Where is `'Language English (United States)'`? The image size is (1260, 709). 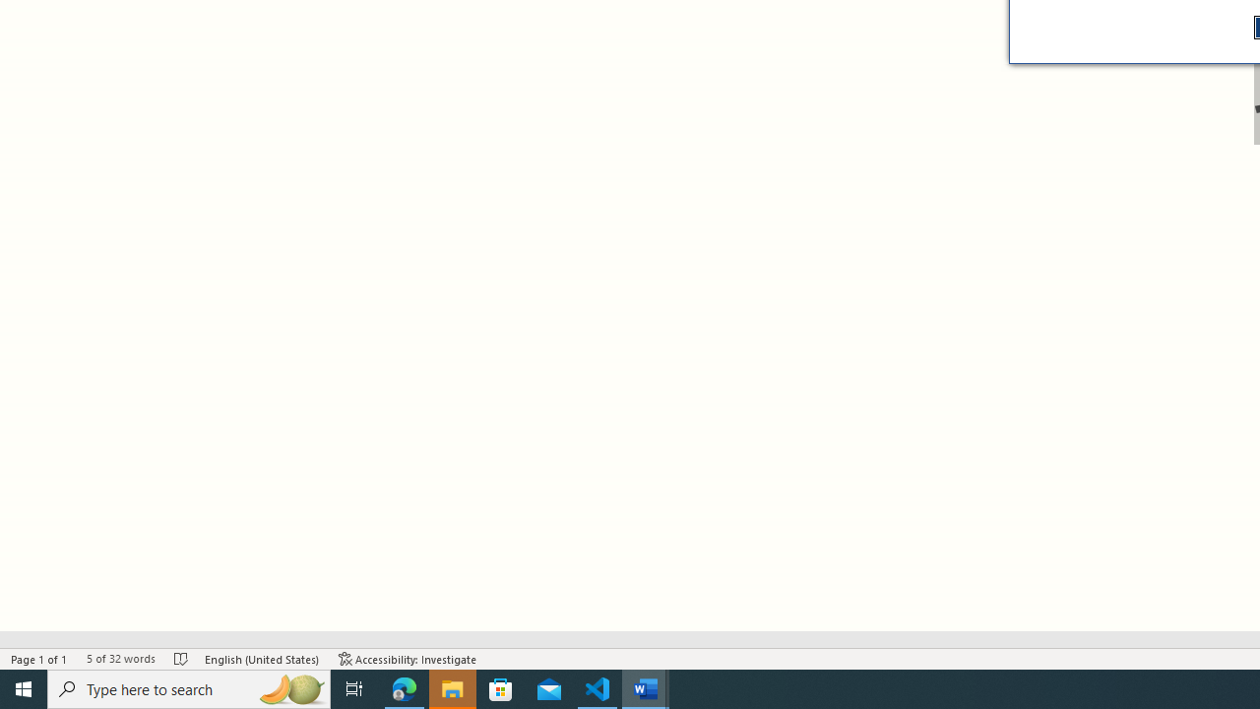 'Language English (United States)' is located at coordinates (261, 659).